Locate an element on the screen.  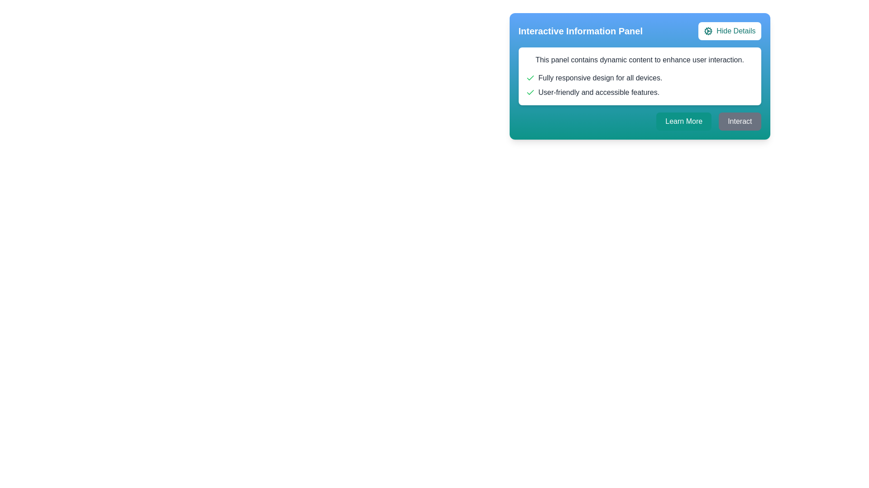
the button located at the top-right of the 'Interactive Information Panel' is located at coordinates (730, 31).